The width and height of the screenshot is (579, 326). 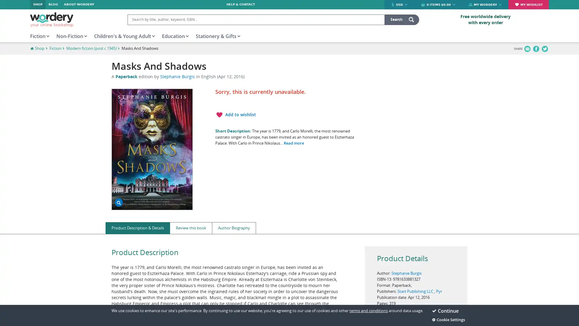 What do you see at coordinates (402, 19) in the screenshot?
I see `search` at bounding box center [402, 19].